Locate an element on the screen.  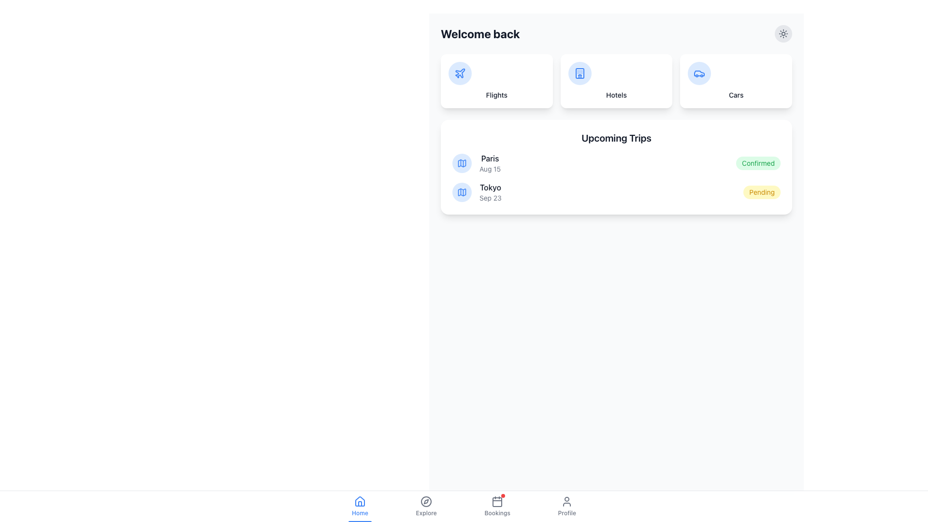
the 'Cars' text label, which is styled with a small bold gray font and located at the bottom of a card beneath a car icon is located at coordinates (736, 95).